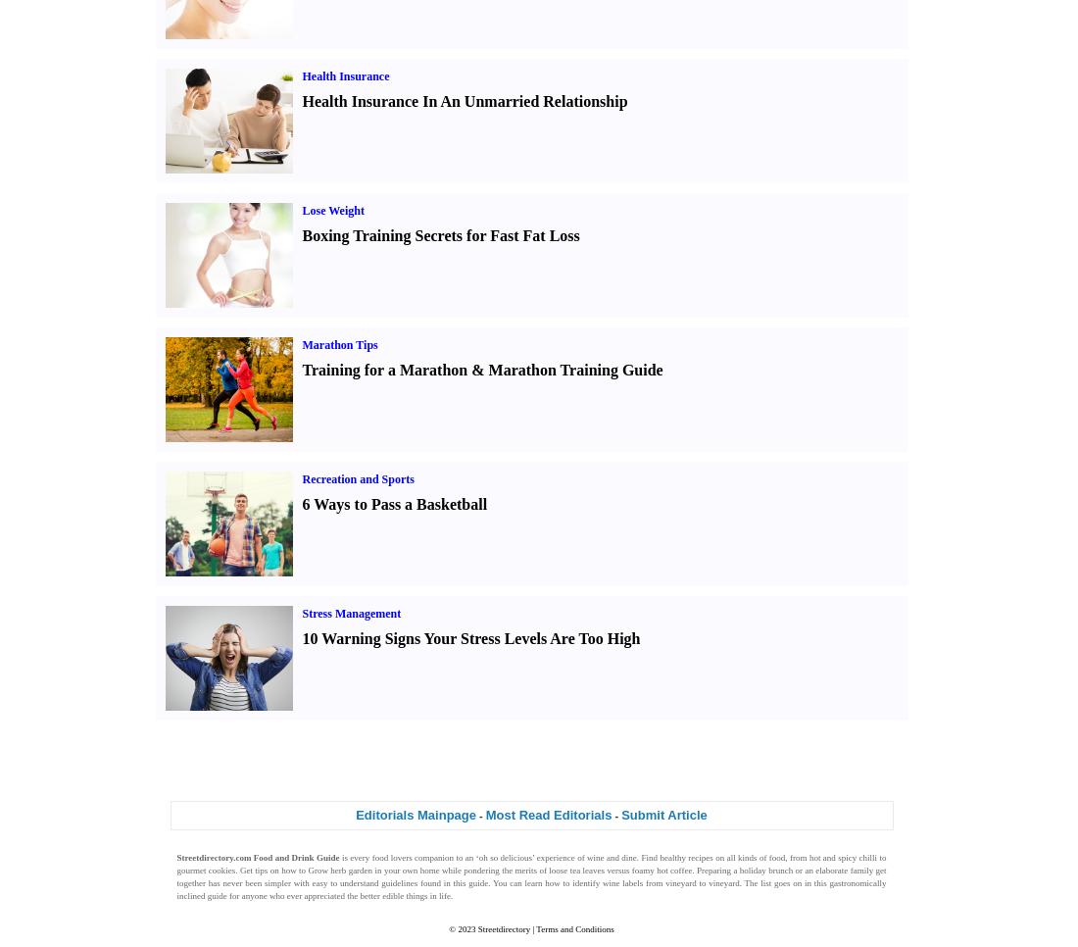 This screenshot has width=1078, height=947. What do you see at coordinates (292, 881) in the screenshot?
I see `'has never been simpler with easy to understand'` at bounding box center [292, 881].